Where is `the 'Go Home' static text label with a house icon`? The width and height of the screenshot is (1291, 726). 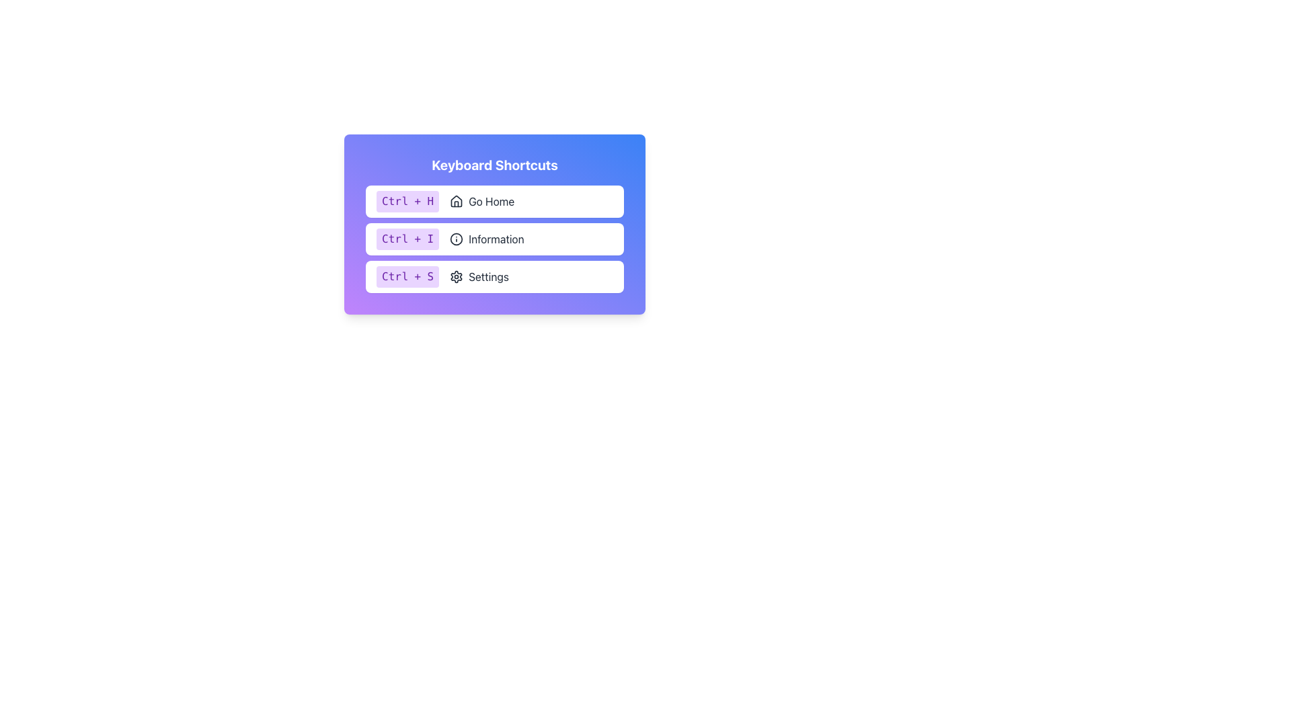 the 'Go Home' static text label with a house icon is located at coordinates (482, 202).